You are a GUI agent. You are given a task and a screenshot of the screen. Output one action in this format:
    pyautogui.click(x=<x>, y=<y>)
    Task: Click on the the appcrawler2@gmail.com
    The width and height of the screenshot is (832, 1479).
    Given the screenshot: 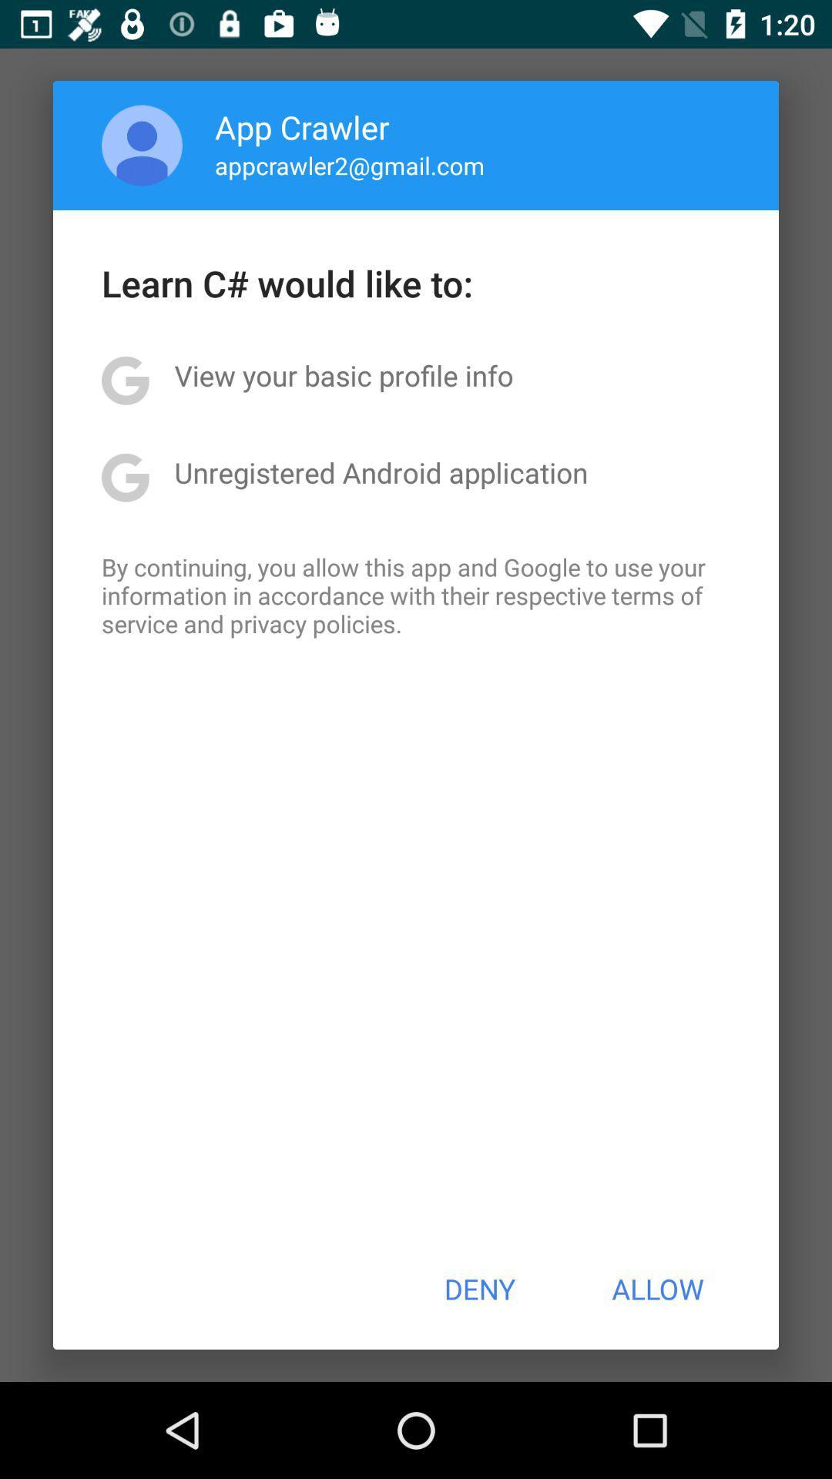 What is the action you would take?
    pyautogui.click(x=350, y=165)
    